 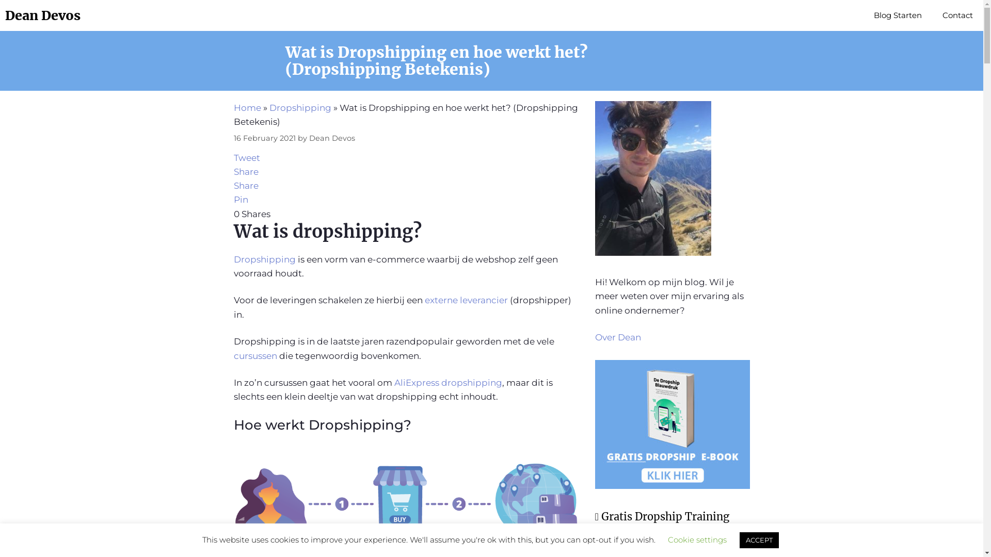 I want to click on 'Pin', so click(x=239, y=199).